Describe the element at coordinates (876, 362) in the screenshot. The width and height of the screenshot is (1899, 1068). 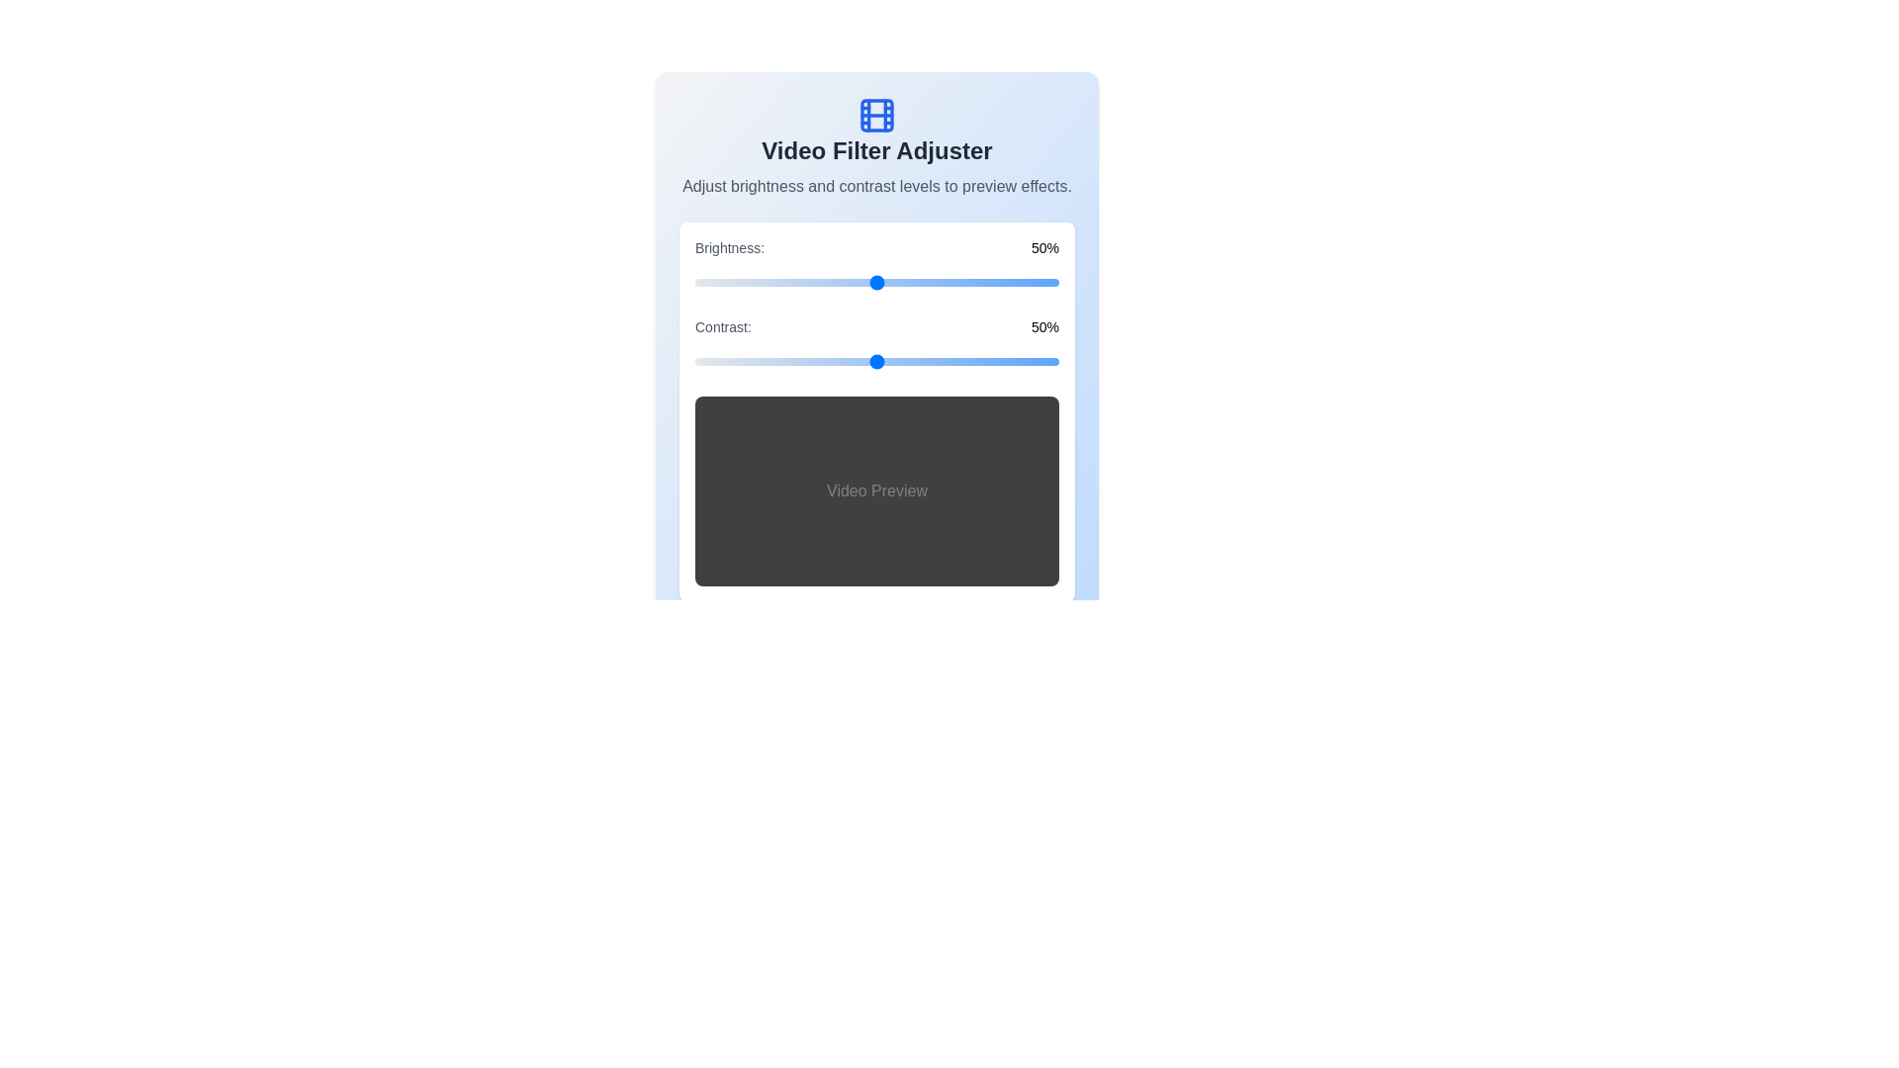
I see `the contrast slider to 50%` at that location.